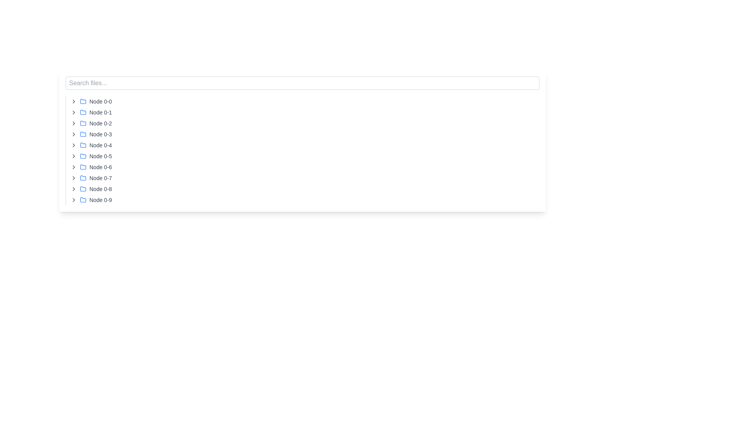 The width and height of the screenshot is (750, 422). What do you see at coordinates (83, 156) in the screenshot?
I see `the folder icon representing the directory in the file management system, located adjacent to the label 'Node 0-5'` at bounding box center [83, 156].